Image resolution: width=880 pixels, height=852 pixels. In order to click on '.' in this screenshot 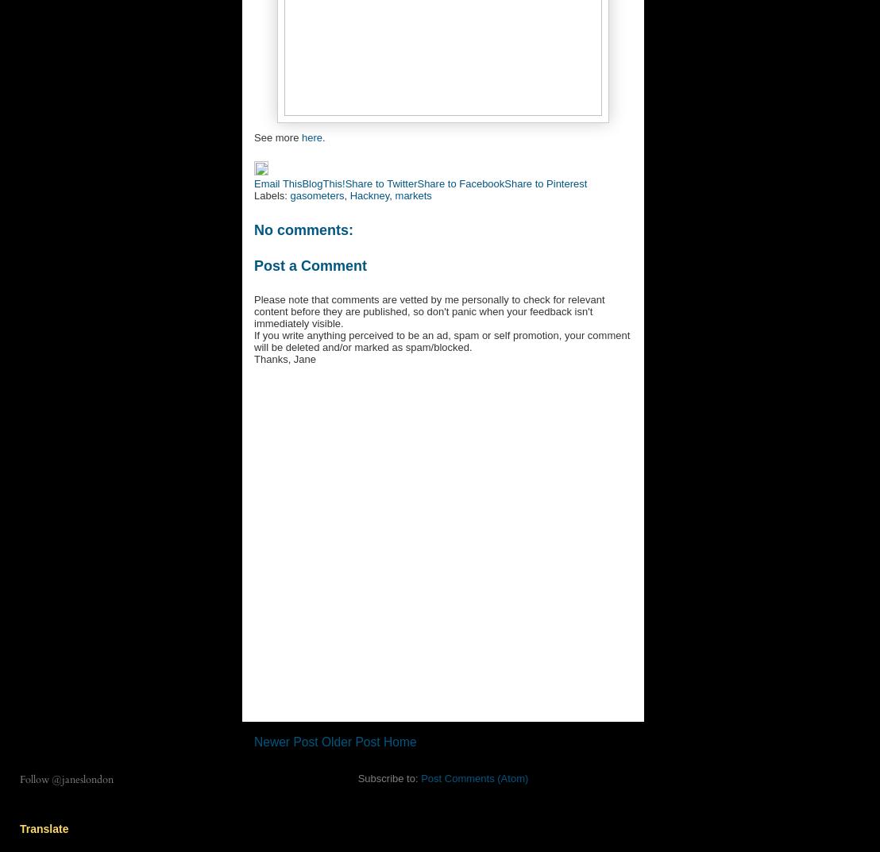, I will do `click(323, 137)`.